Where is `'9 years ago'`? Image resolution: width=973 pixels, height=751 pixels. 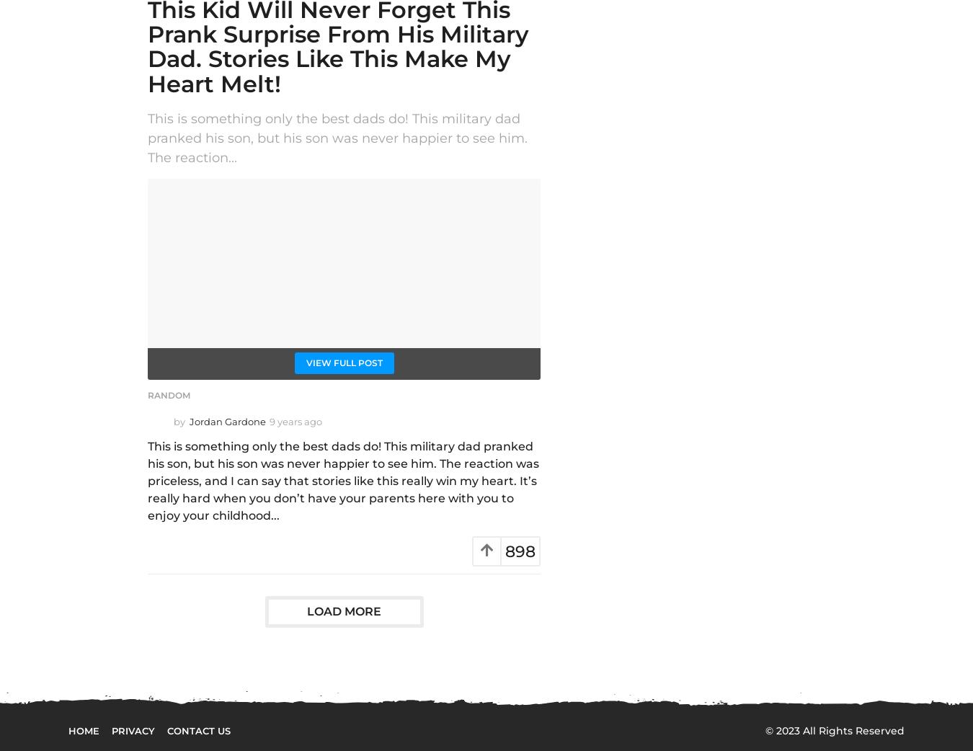
'9 years ago' is located at coordinates (296, 420).